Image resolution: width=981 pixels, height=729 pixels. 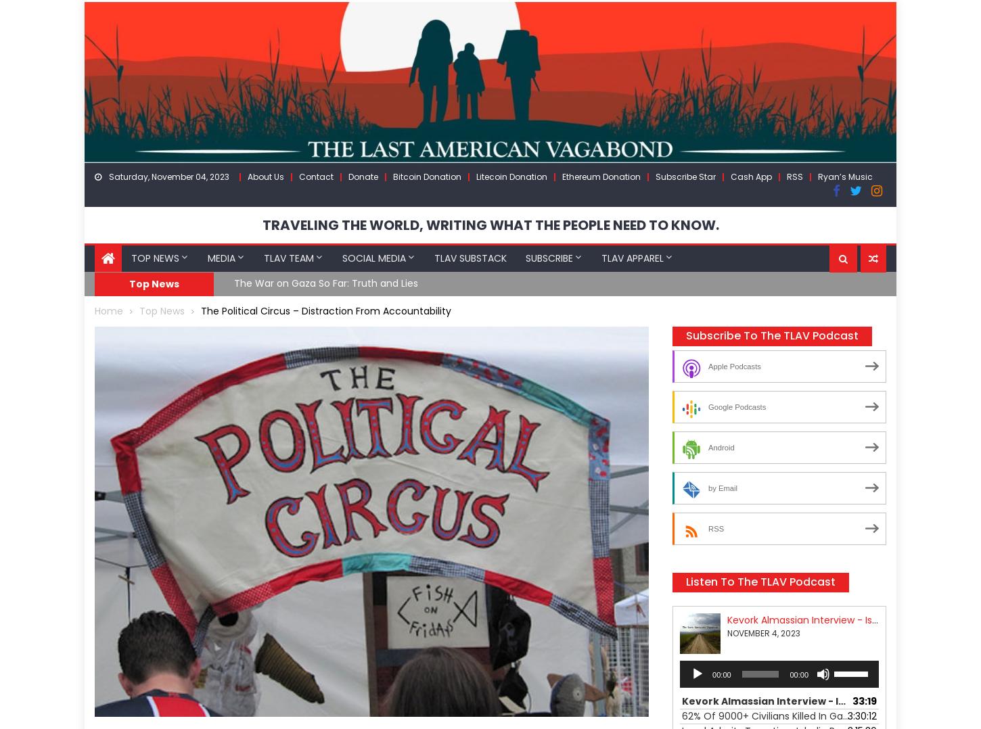 I want to click on 'Google Podcasts', so click(x=736, y=406).